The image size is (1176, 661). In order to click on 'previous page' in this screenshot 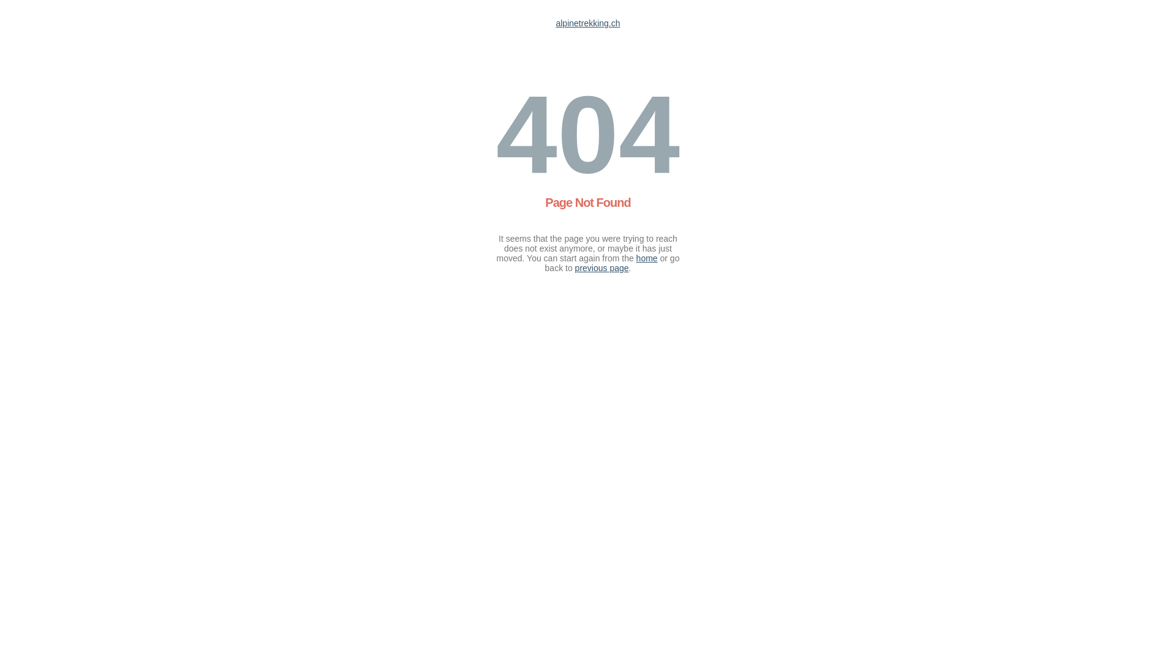, I will do `click(602, 267)`.